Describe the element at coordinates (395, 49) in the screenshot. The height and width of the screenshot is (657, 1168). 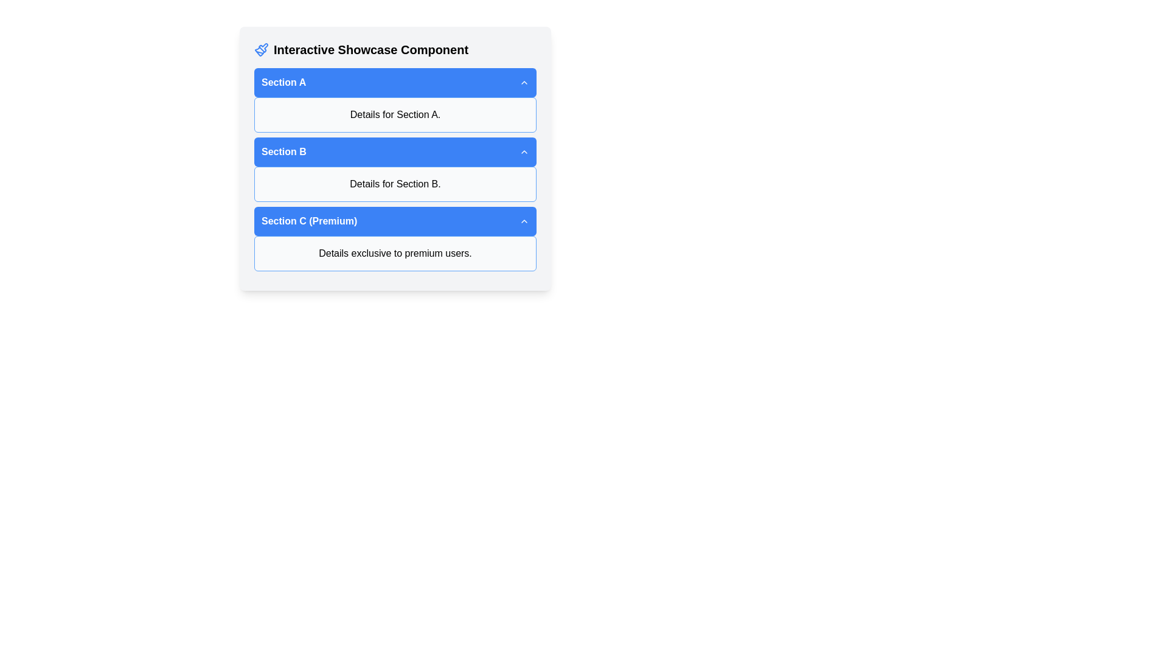
I see `the text header labeled 'Interactive Showcase Component' which is bold and large, located at the top of the section with a blue paintbrush icon to its left` at that location.